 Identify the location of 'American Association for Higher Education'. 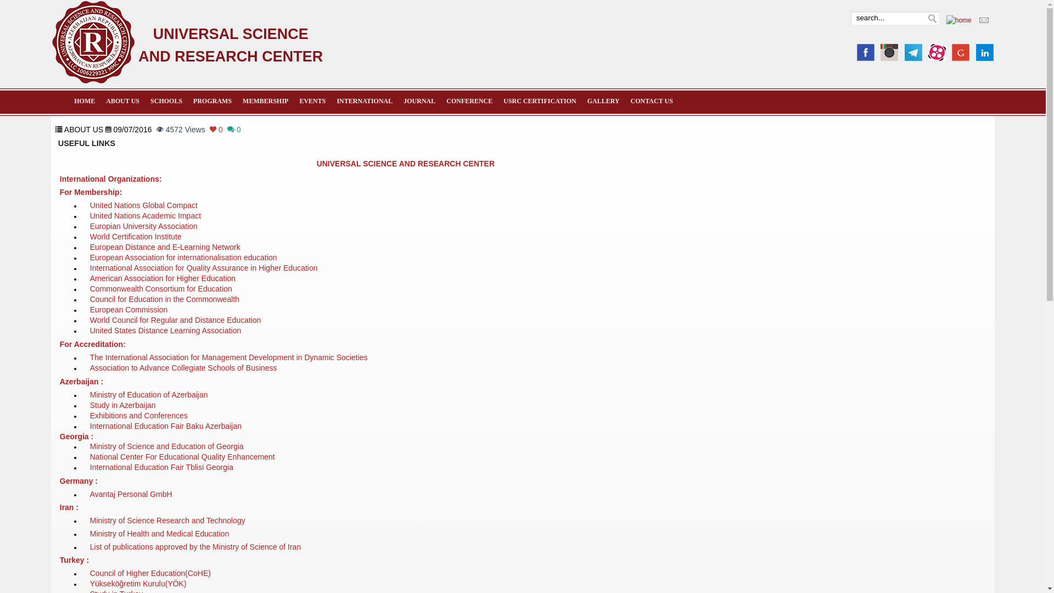
(162, 279).